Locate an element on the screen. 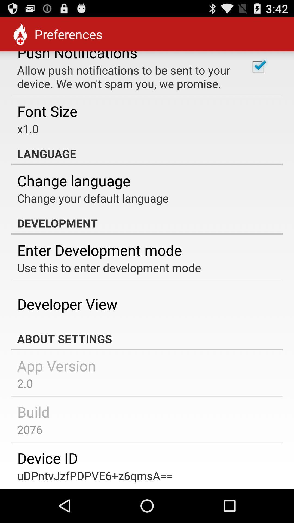  icon below device id is located at coordinates (95, 475).